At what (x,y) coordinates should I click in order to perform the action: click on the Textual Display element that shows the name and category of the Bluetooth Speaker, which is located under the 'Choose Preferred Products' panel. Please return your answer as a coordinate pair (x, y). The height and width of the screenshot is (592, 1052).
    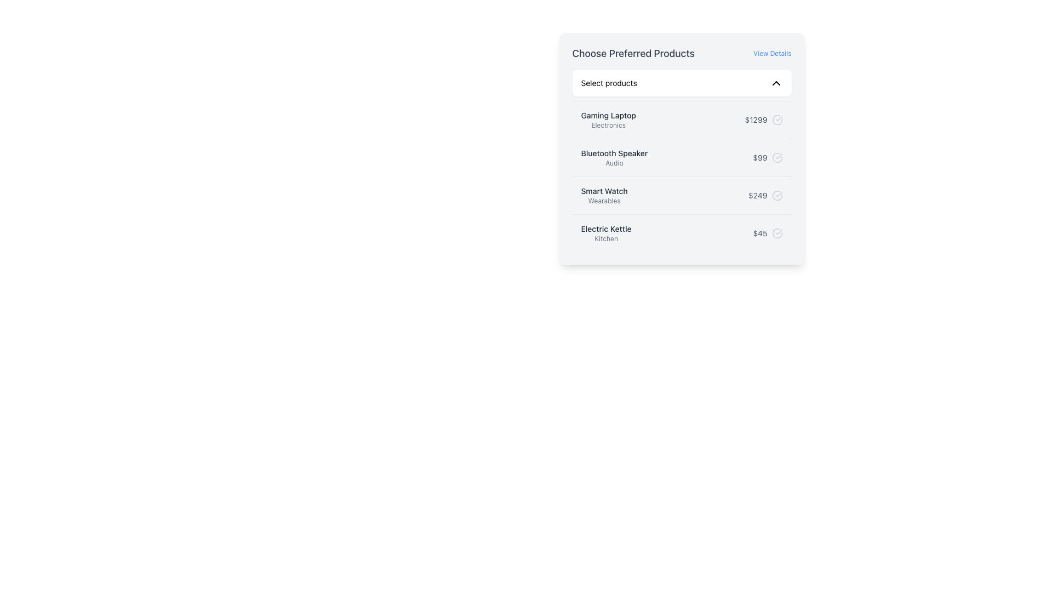
    Looking at the image, I should click on (614, 158).